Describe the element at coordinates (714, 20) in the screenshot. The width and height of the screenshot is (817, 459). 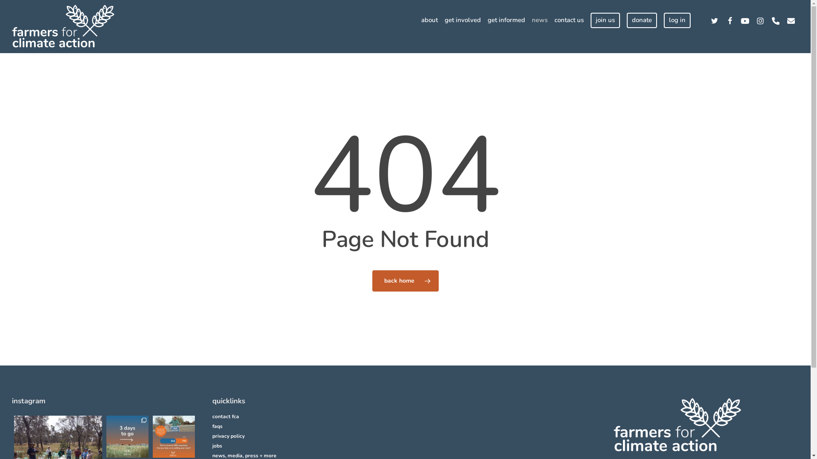
I see `'twitter'` at that location.